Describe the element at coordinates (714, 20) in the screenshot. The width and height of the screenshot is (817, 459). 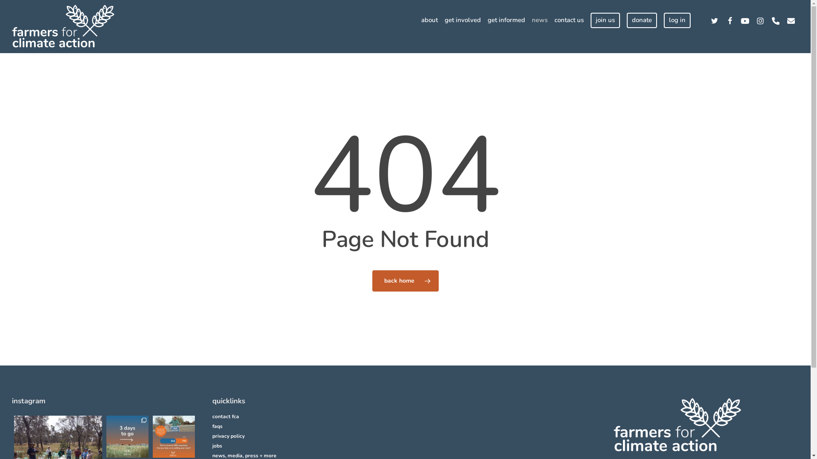
I see `'twitter'` at that location.